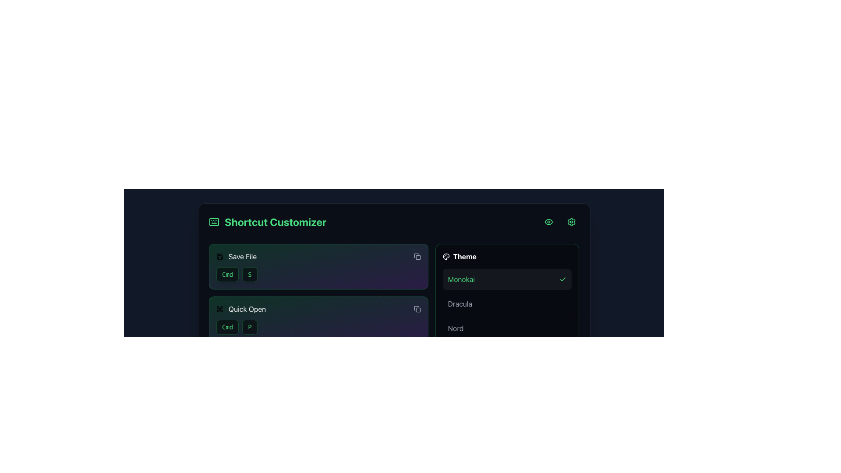  I want to click on the text label displaying 'Nord' in capitalized gray color, so click(456, 328).